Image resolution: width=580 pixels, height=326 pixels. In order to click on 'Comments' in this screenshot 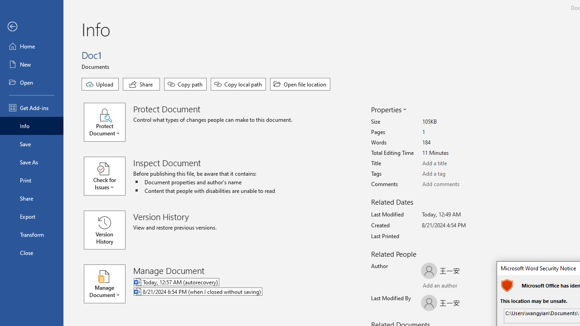, I will do `click(456, 184)`.